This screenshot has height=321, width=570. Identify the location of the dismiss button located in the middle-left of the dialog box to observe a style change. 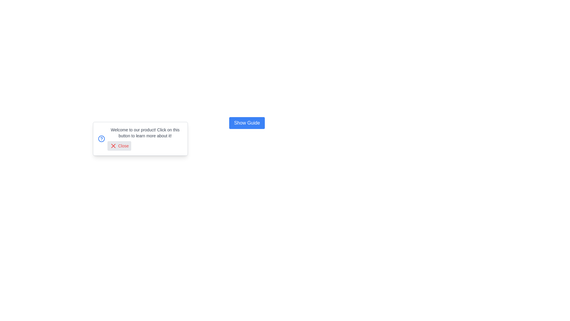
(119, 146).